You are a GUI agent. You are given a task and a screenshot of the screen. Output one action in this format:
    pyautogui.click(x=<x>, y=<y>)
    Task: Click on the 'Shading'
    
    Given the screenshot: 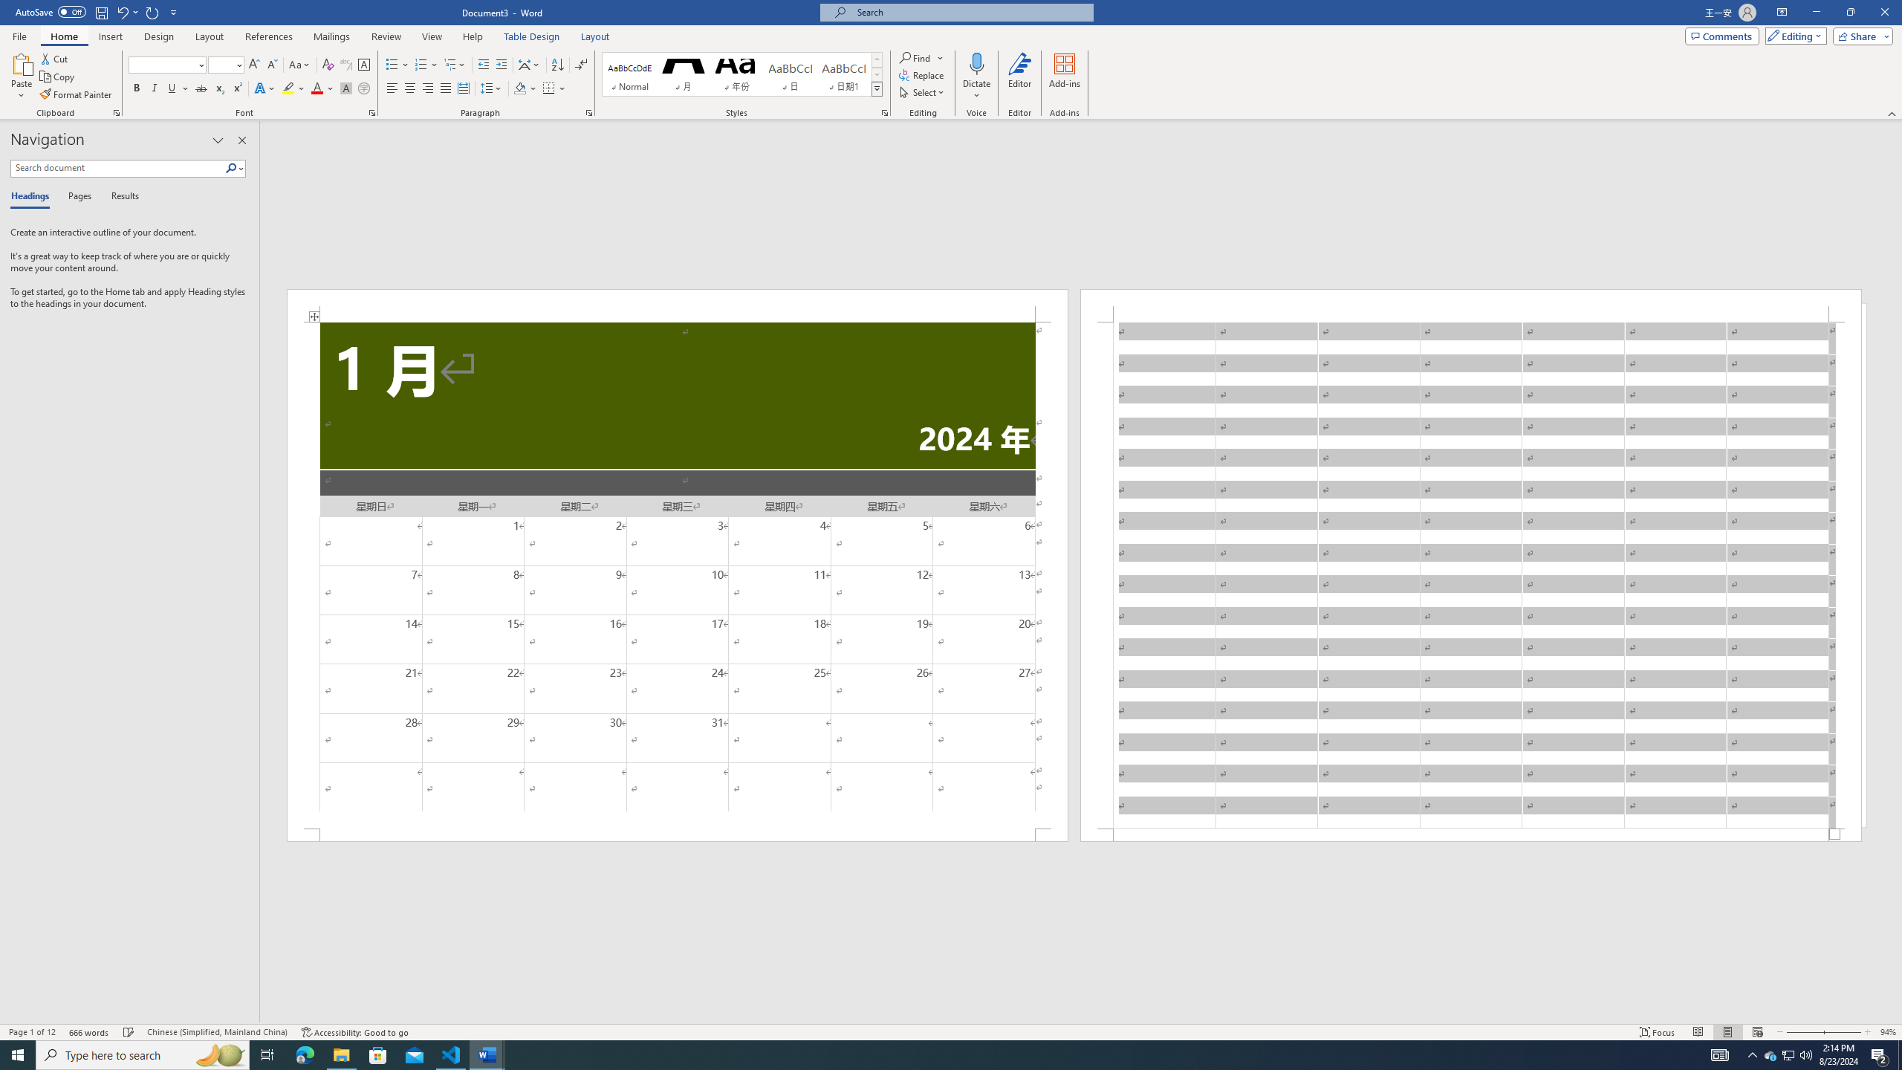 What is the action you would take?
    pyautogui.click(x=525, y=88)
    